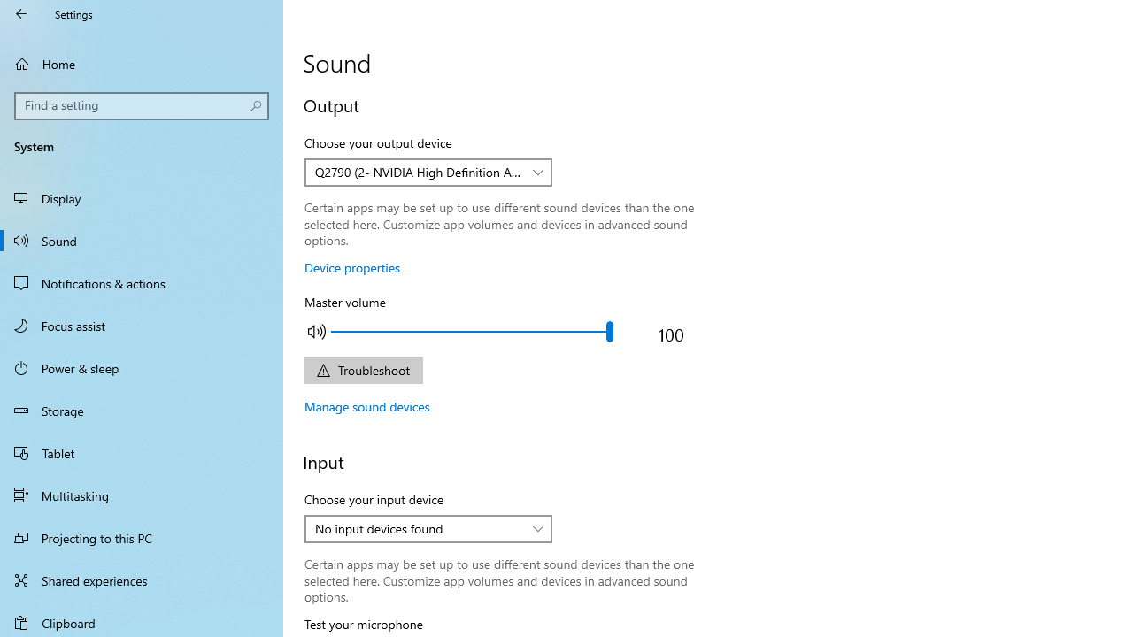 The height and width of the screenshot is (637, 1133). Describe the element at coordinates (317, 331) in the screenshot. I see `'Mute master volume'` at that location.